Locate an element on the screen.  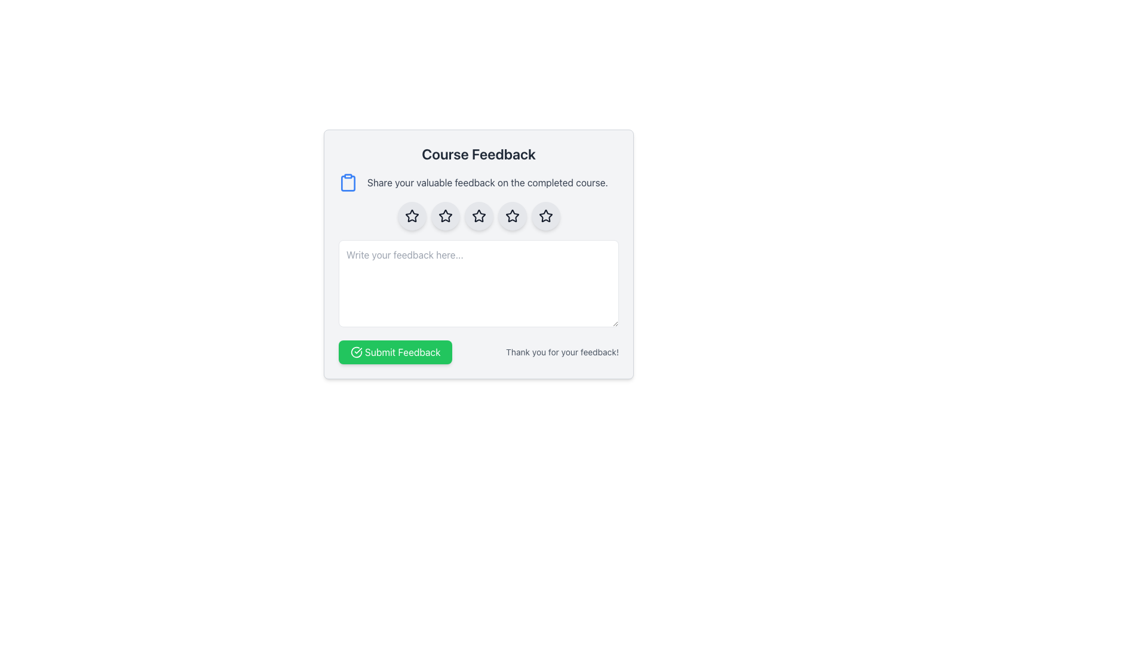
the third star icon in the rating system is located at coordinates (512, 216).